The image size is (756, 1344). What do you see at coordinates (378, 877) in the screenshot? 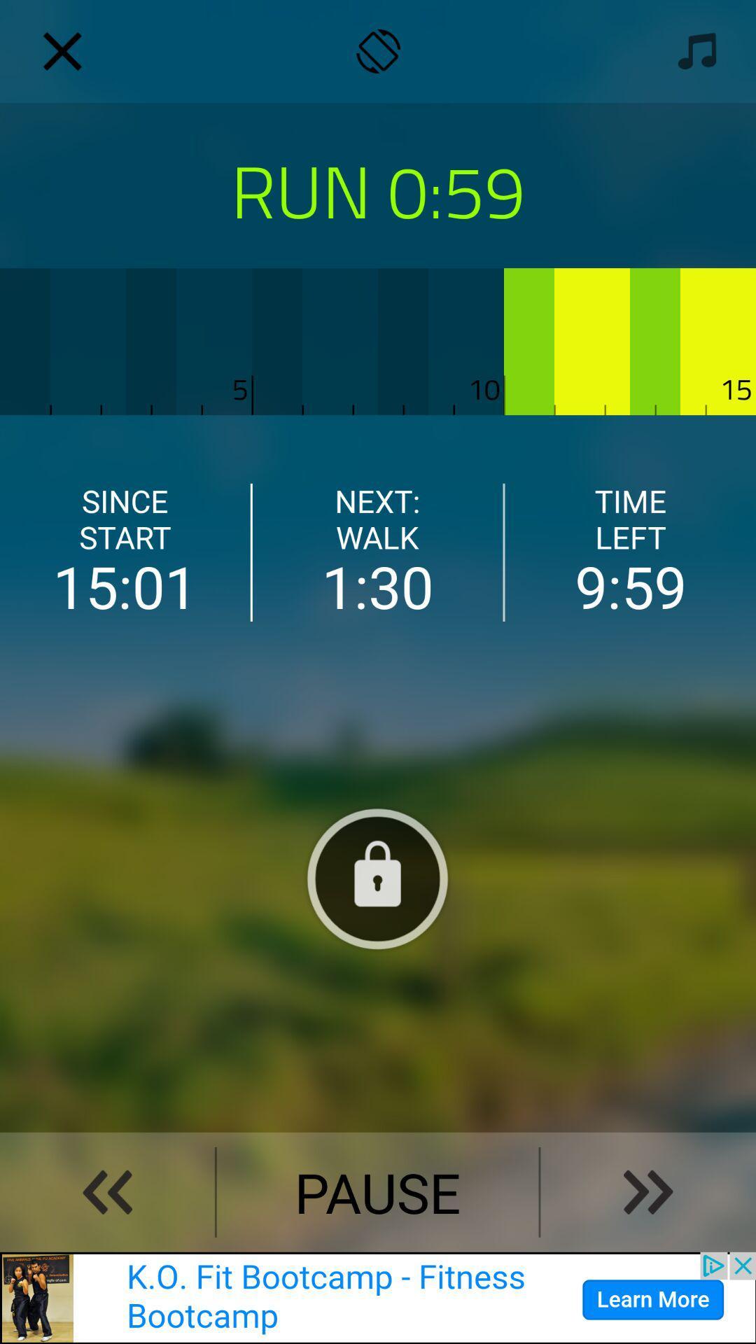
I see `the icon above the pause` at bounding box center [378, 877].